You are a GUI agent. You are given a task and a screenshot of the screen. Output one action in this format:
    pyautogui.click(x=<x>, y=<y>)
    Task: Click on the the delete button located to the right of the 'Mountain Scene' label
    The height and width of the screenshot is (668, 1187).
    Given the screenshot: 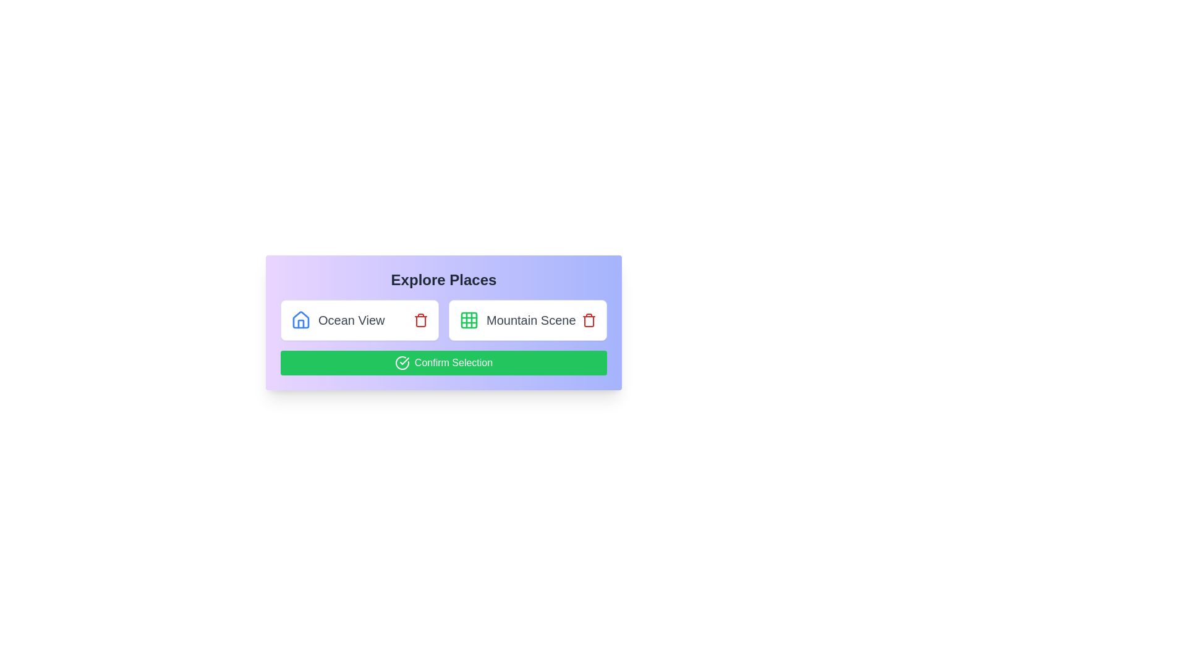 What is the action you would take?
    pyautogui.click(x=589, y=319)
    